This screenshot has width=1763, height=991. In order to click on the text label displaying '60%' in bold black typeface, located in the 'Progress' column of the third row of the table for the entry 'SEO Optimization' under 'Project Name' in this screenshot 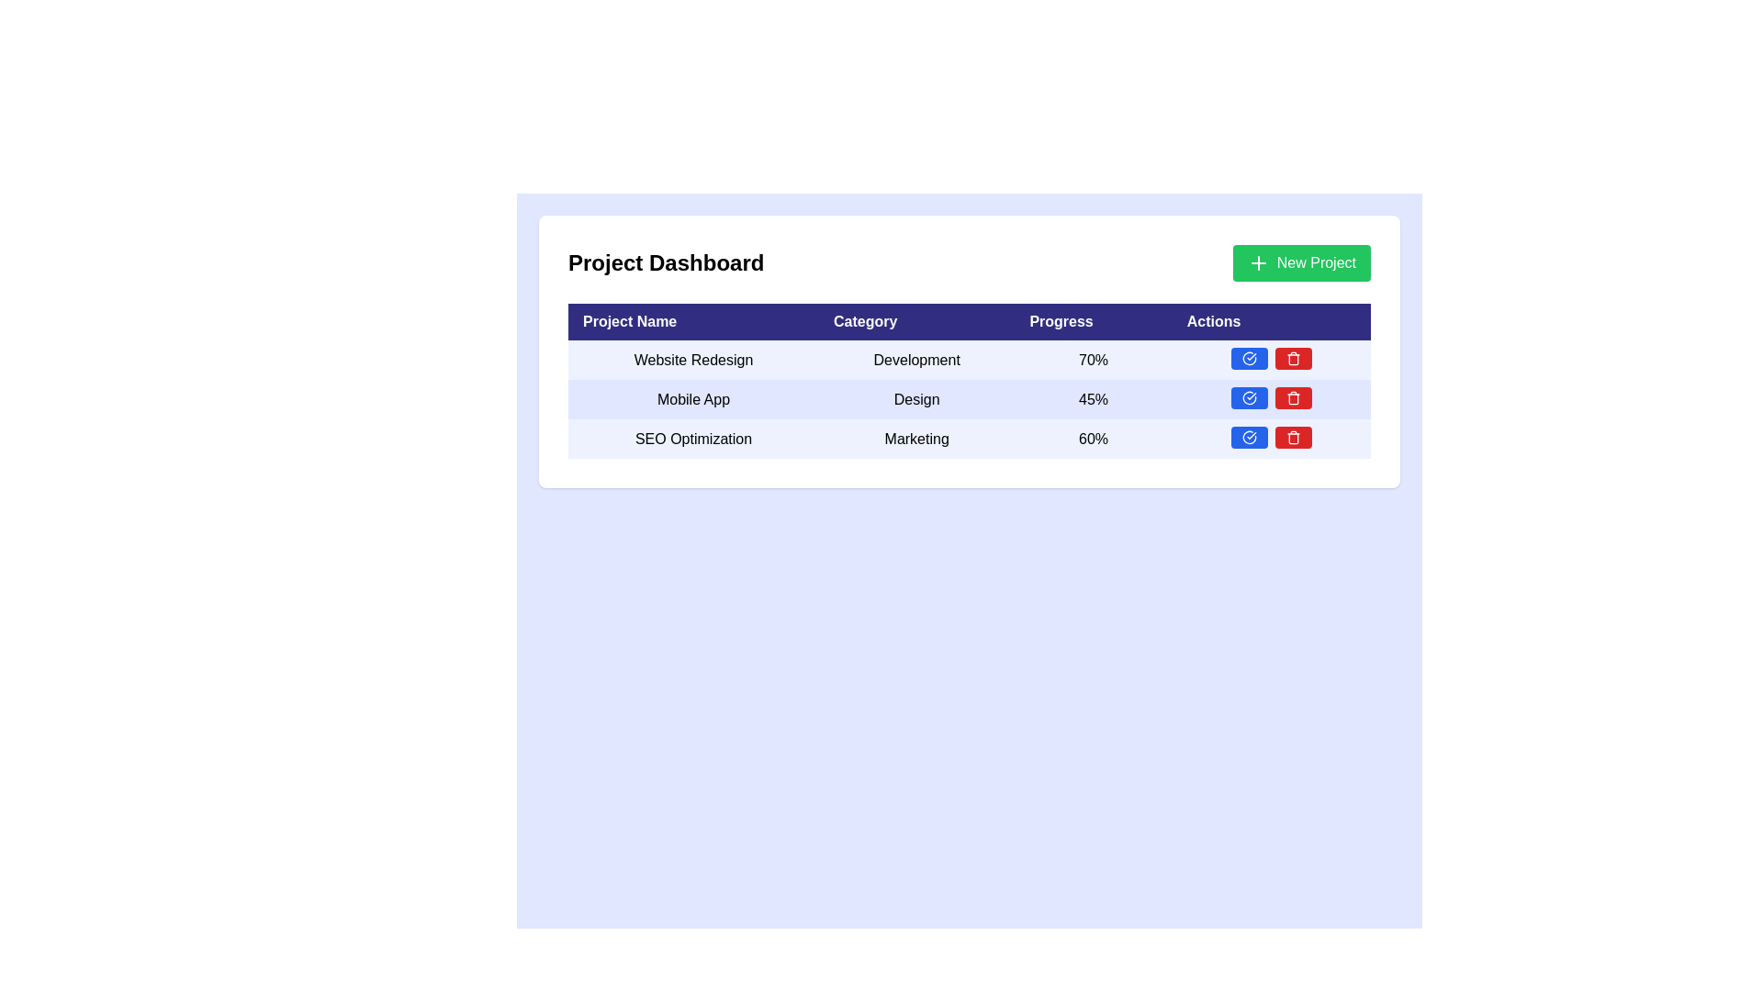, I will do `click(1093, 439)`.